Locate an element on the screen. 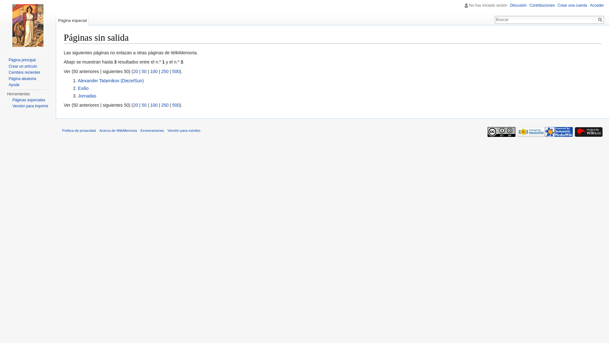  'Buscar en WikiMemoria [alt-shift-f]' is located at coordinates (546, 19).